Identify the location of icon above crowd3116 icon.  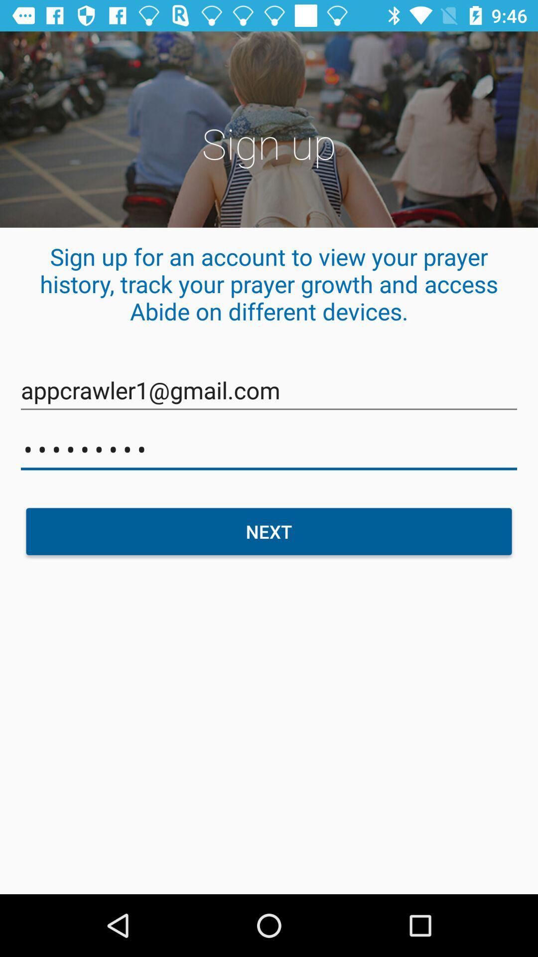
(269, 390).